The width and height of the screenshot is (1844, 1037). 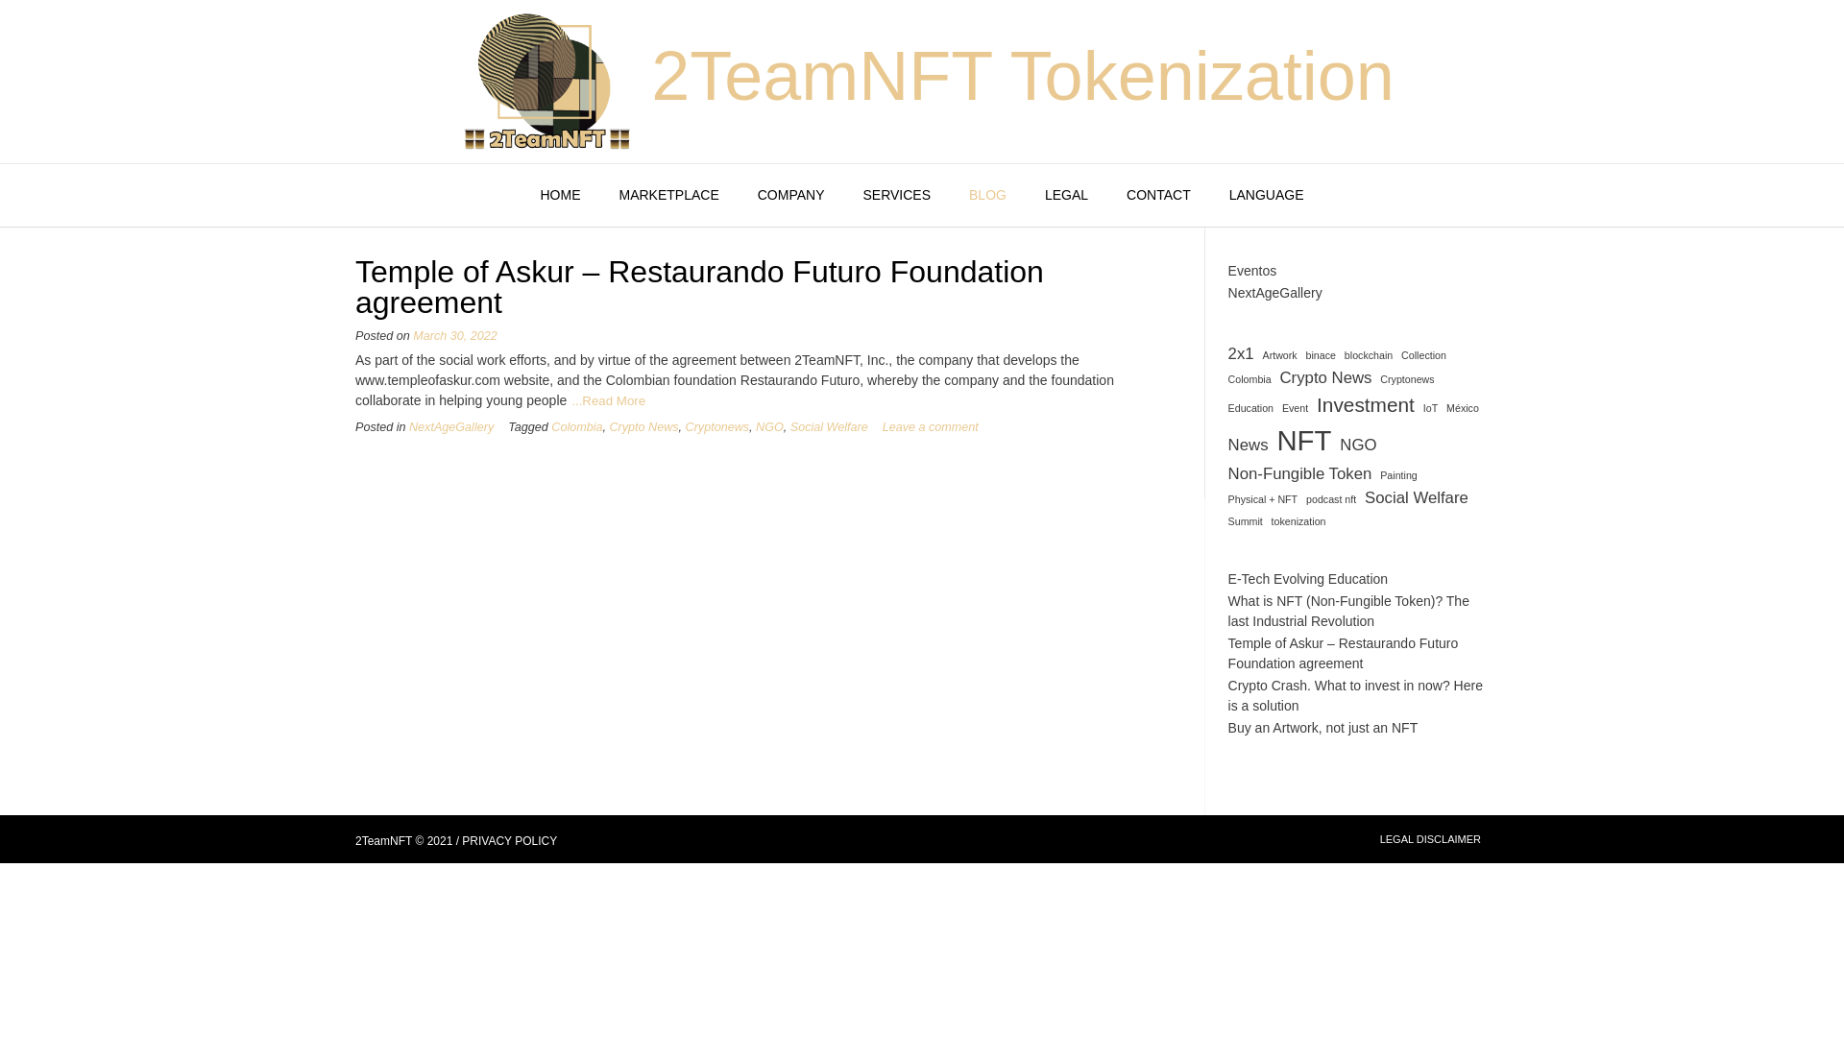 What do you see at coordinates (1324, 377) in the screenshot?
I see `'Crypto News'` at bounding box center [1324, 377].